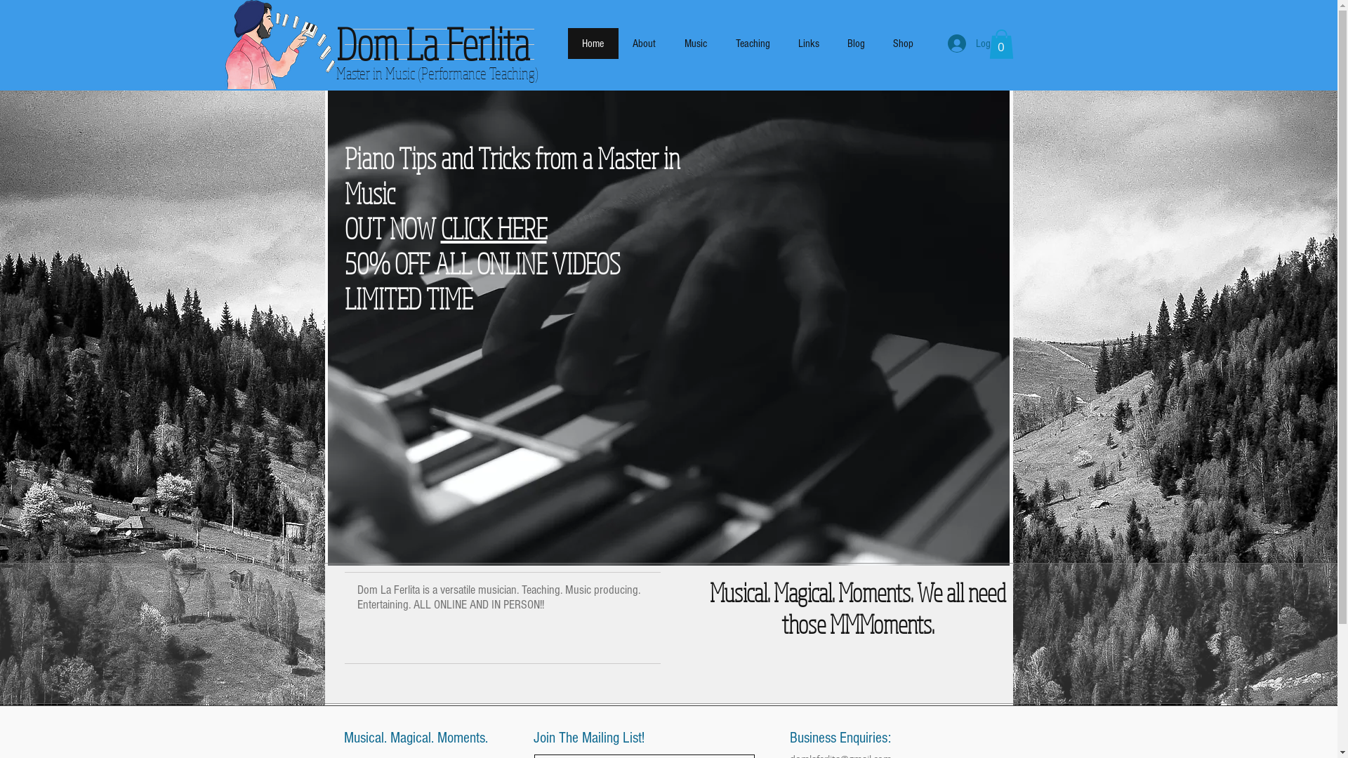  I want to click on 'Music', so click(695, 42).